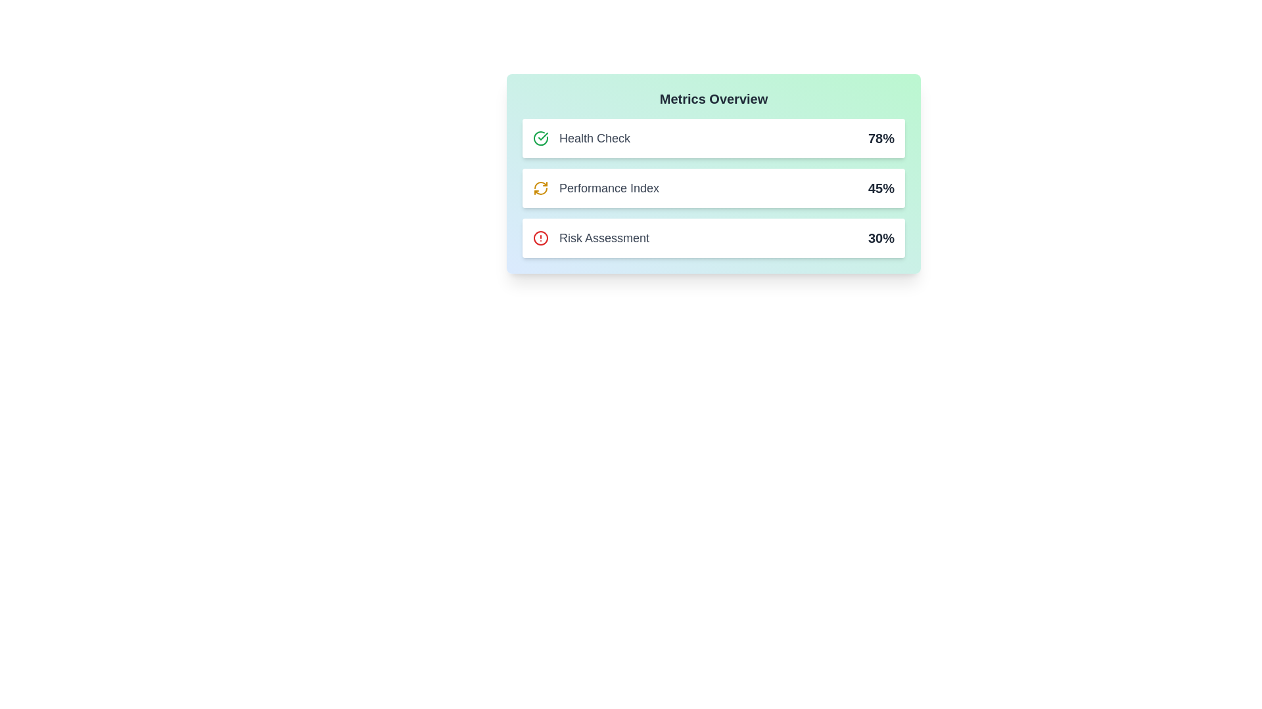  I want to click on the 'Health Check' text label located in the first row of the metrics dashboard, next to the green check icon, within the 'Metrics Overview' box, so click(594, 139).